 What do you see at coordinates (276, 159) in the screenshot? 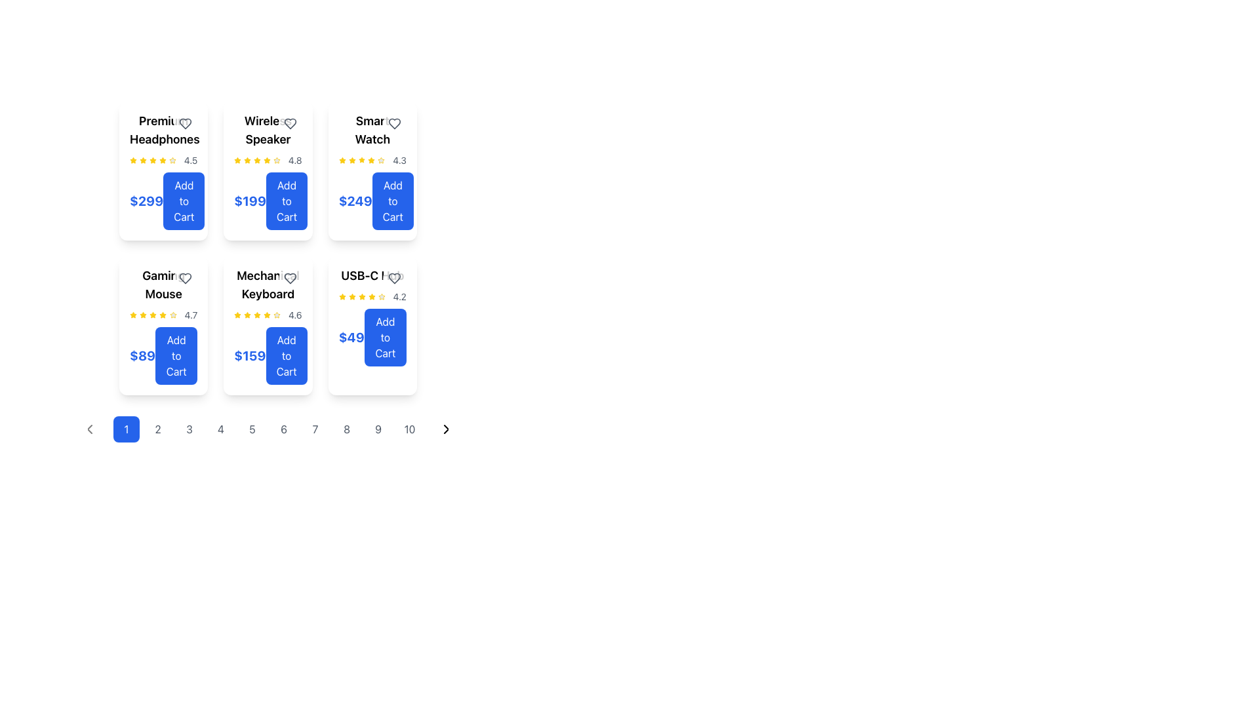
I see `the yellow star icon in the rating system located under the 'Wireless Speaker' title in the second column of the top row` at bounding box center [276, 159].